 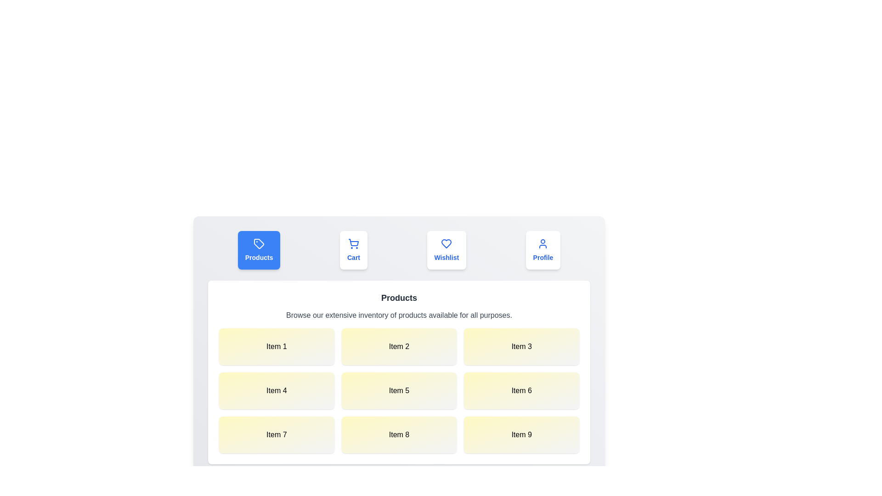 What do you see at coordinates (259, 250) in the screenshot?
I see `the Products tab to view its content` at bounding box center [259, 250].